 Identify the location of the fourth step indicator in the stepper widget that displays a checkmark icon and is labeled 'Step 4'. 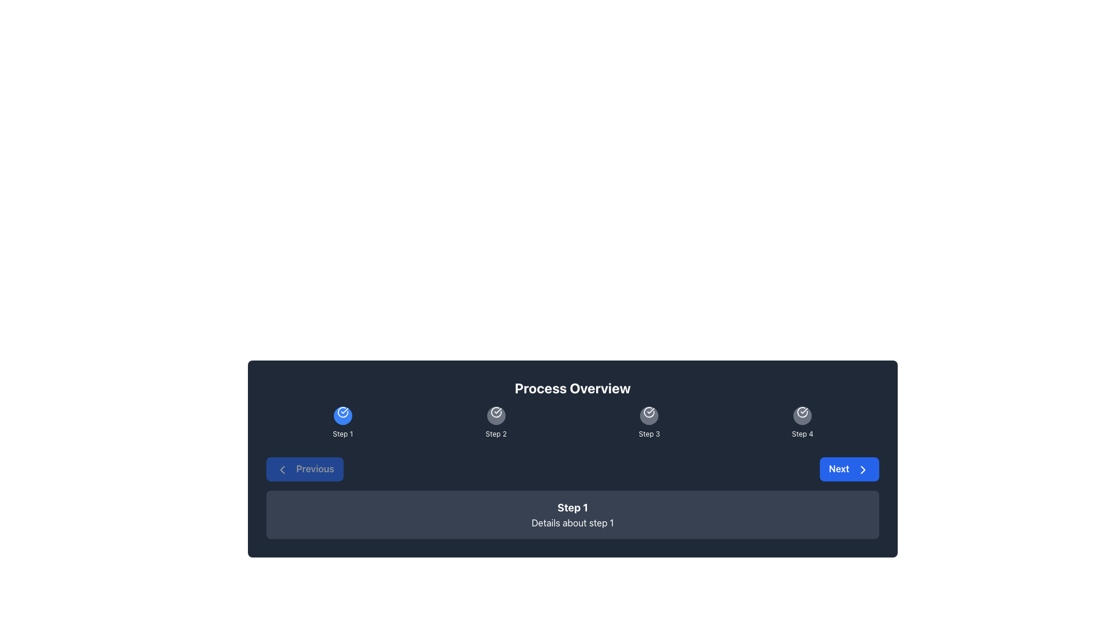
(802, 415).